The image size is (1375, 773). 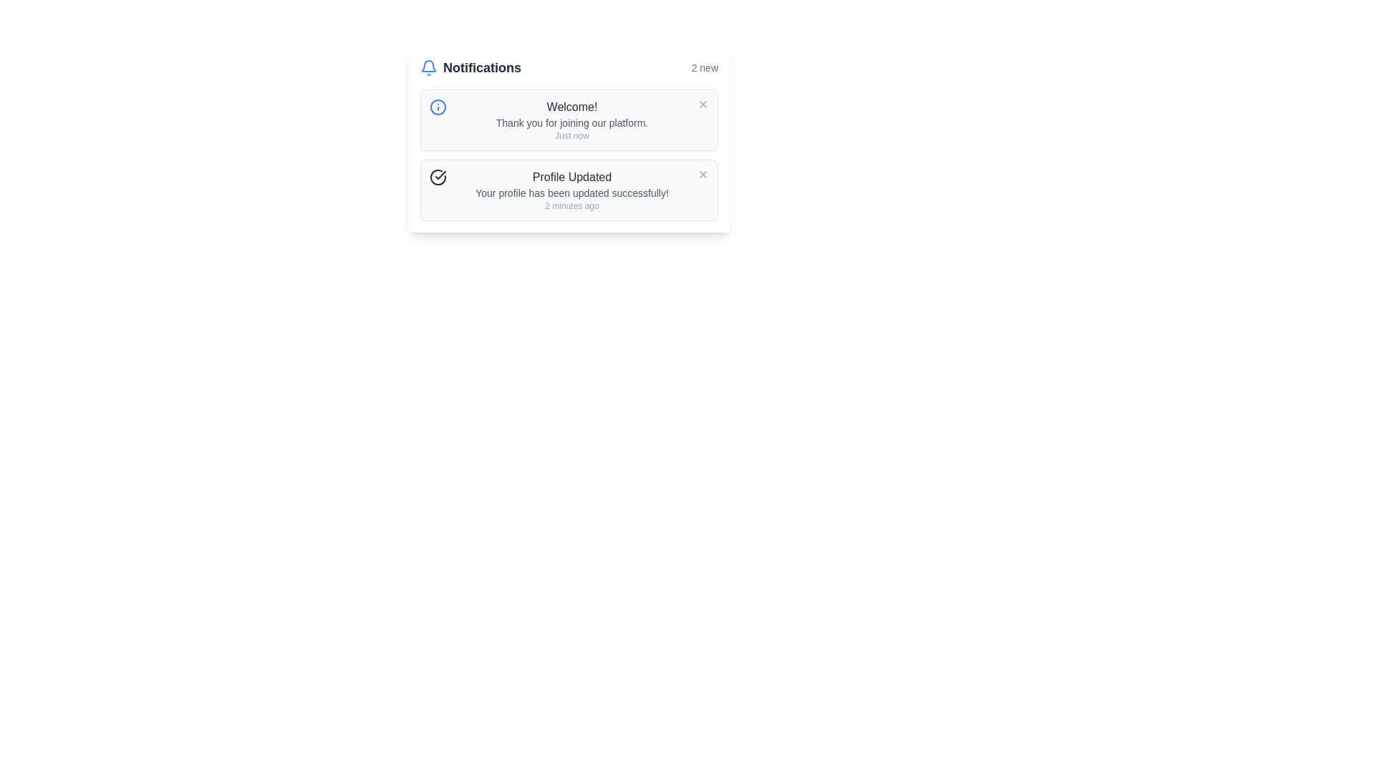 What do you see at coordinates (482, 68) in the screenshot?
I see `the 'Notifications' text label, which is a bold and larger font-sized header indicating the notifications section, located to the right of the bell icon` at bounding box center [482, 68].